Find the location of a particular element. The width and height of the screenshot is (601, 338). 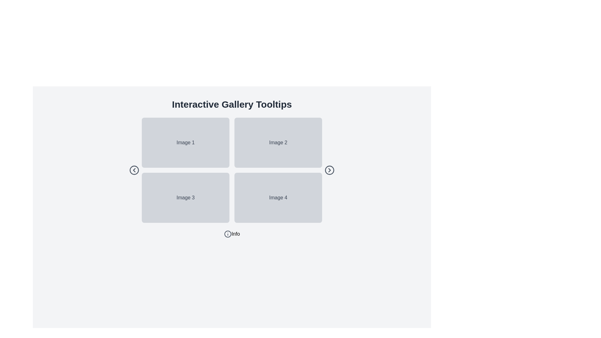

the Composite element containing a circular information icon and the text labeled 'Info' is located at coordinates (231, 234).